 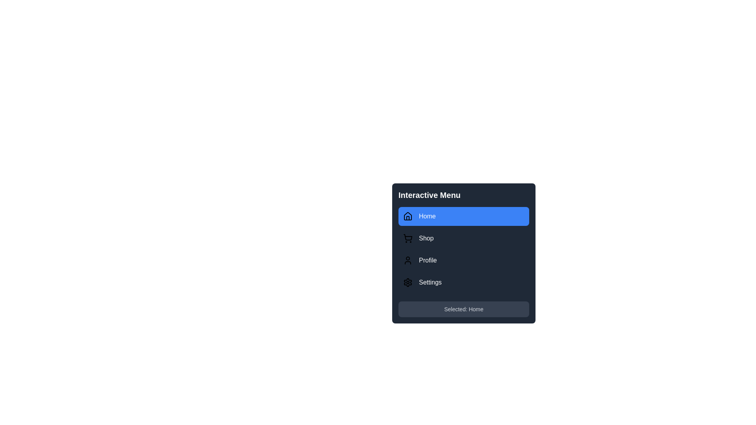 What do you see at coordinates (463, 261) in the screenshot?
I see `the 'Profile' button, which is the third item in the vertically stacked menu list, located between the 'Shop' and 'Settings' buttons` at bounding box center [463, 261].